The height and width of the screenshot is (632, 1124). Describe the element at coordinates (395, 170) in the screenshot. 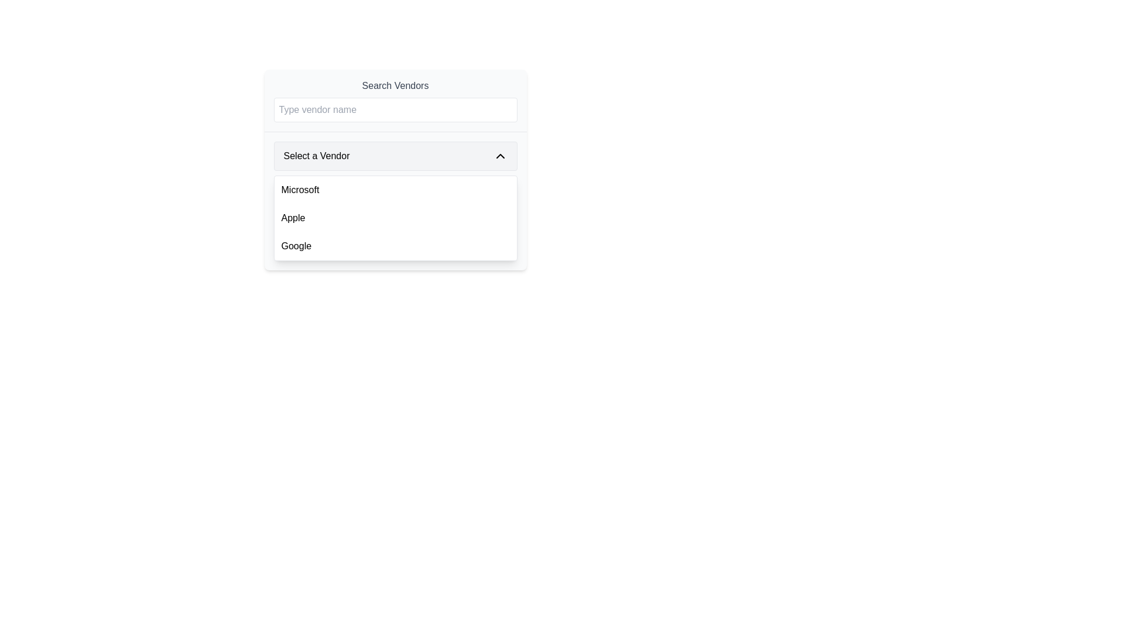

I see `the dropdown menu located centrally below the 'Type vendor name' search input field` at that location.